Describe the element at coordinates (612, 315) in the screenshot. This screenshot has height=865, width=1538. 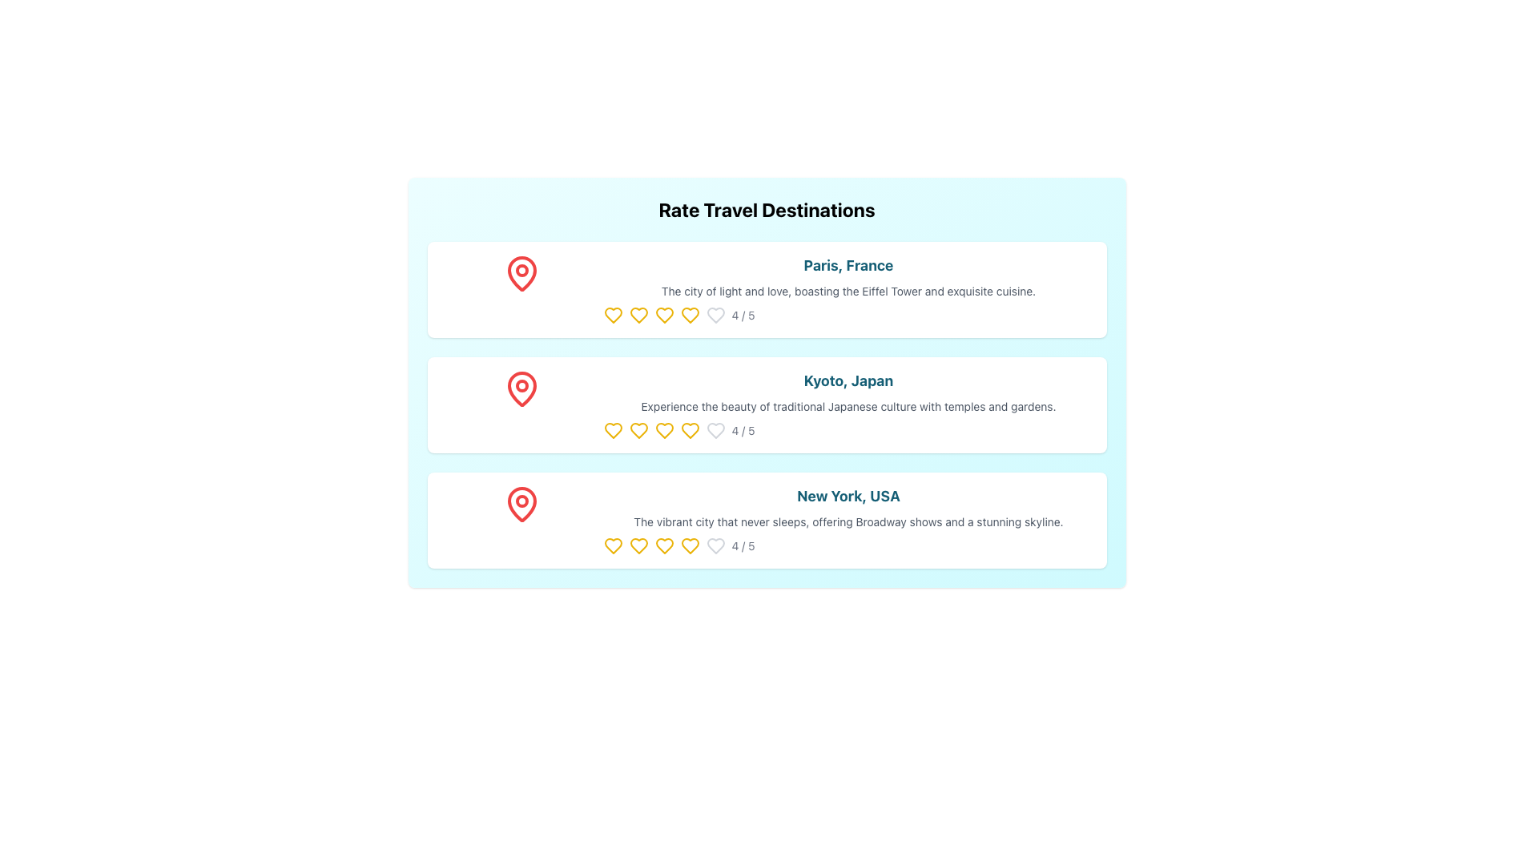
I see `the first yellow heart-shaped rating icon under 'Paris, France'` at that location.